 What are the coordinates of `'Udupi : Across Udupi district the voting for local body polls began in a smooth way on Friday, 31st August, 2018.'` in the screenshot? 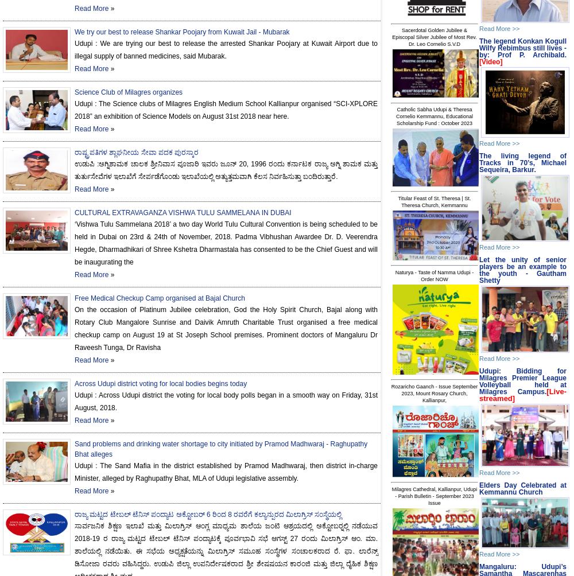 It's located at (226, 400).